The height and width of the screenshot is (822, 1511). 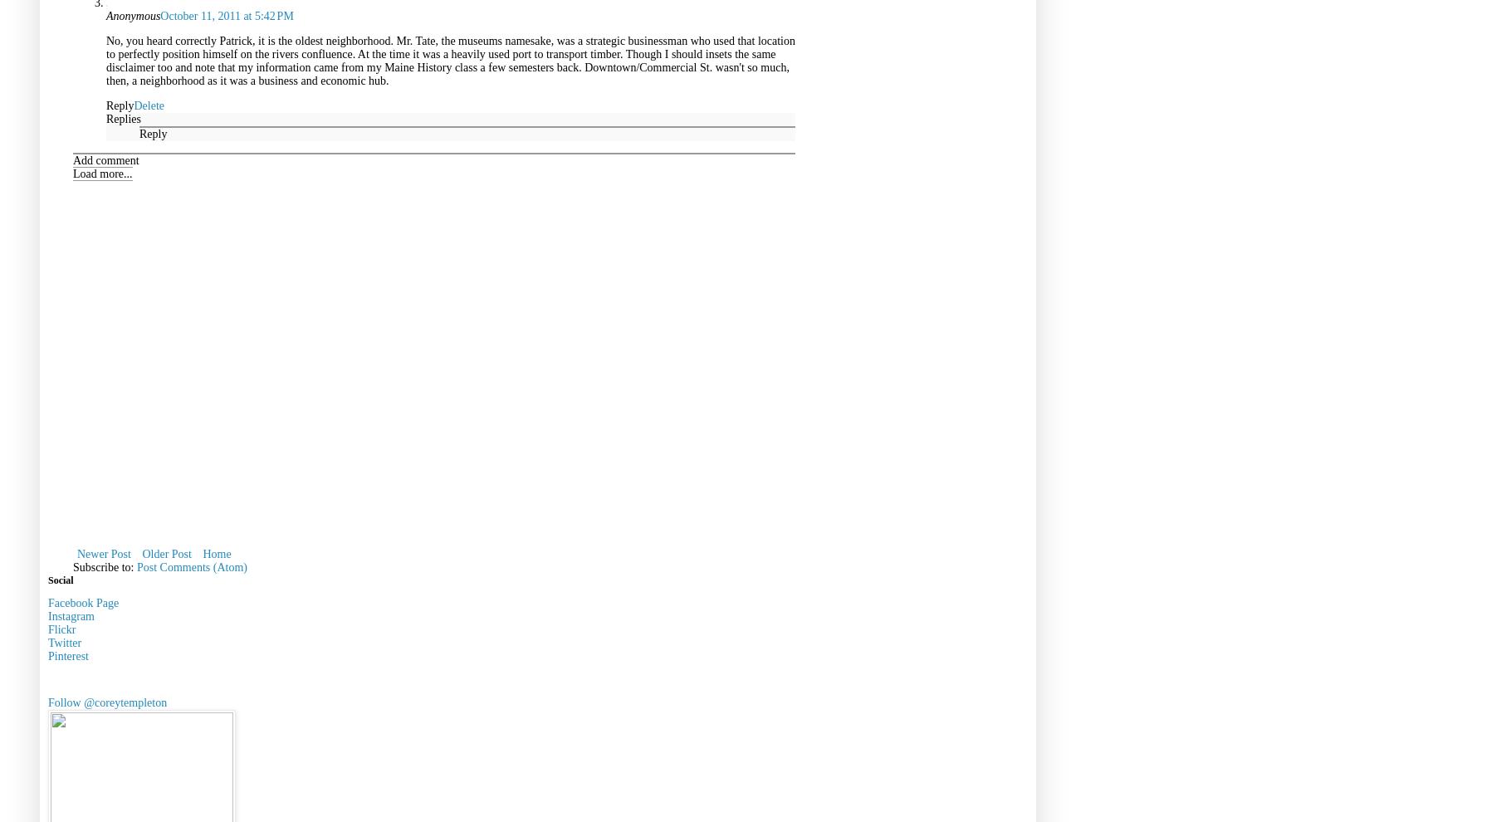 What do you see at coordinates (83, 601) in the screenshot?
I see `'Facebook Page'` at bounding box center [83, 601].